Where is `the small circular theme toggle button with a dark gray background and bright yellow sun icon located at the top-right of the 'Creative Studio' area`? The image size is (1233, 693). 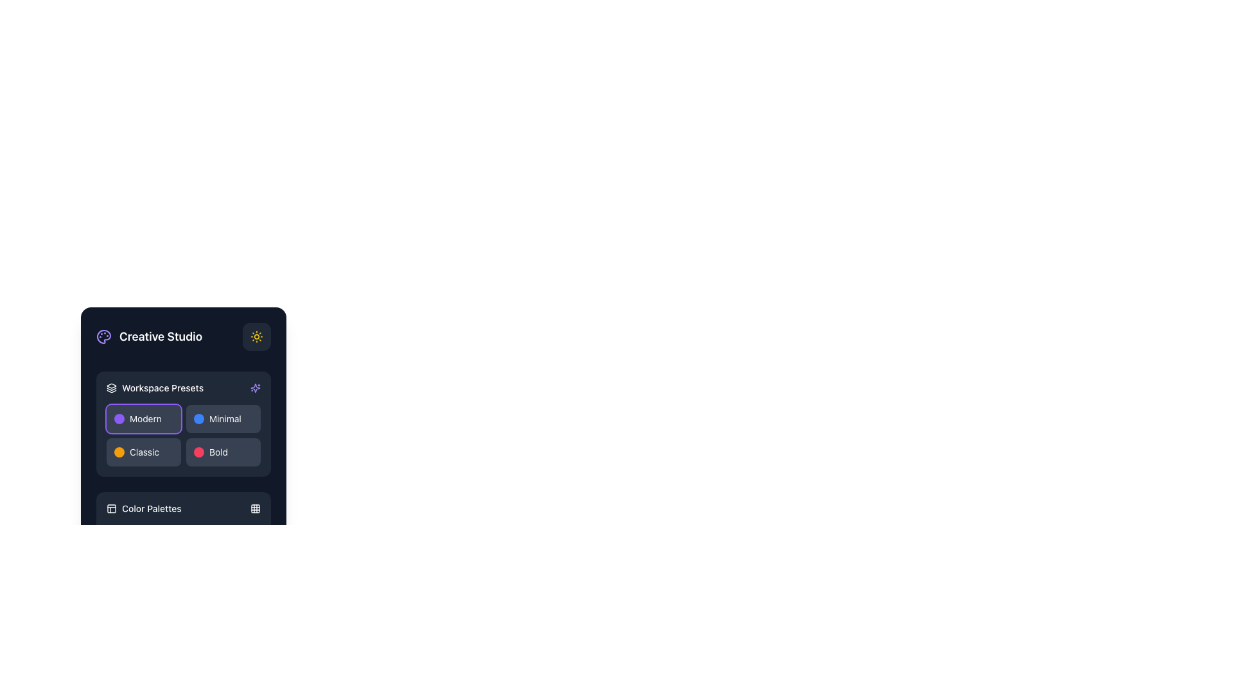 the small circular theme toggle button with a dark gray background and bright yellow sun icon located at the top-right of the 'Creative Studio' area is located at coordinates (256, 336).